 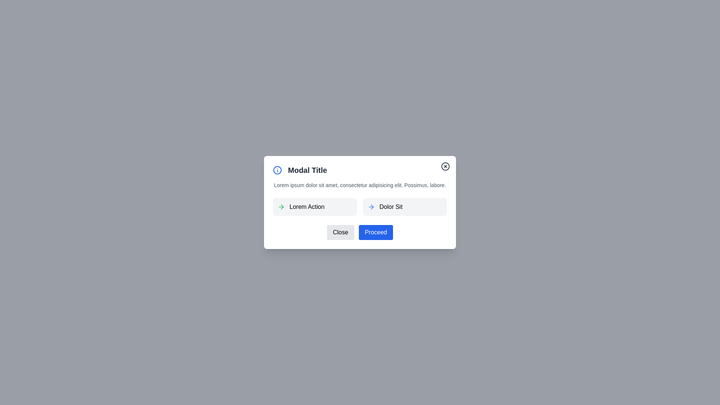 What do you see at coordinates (360, 232) in the screenshot?
I see `the button group located at the bottom of the modal window, which includes 'Close' on the left and 'Proceed' on the right` at bounding box center [360, 232].